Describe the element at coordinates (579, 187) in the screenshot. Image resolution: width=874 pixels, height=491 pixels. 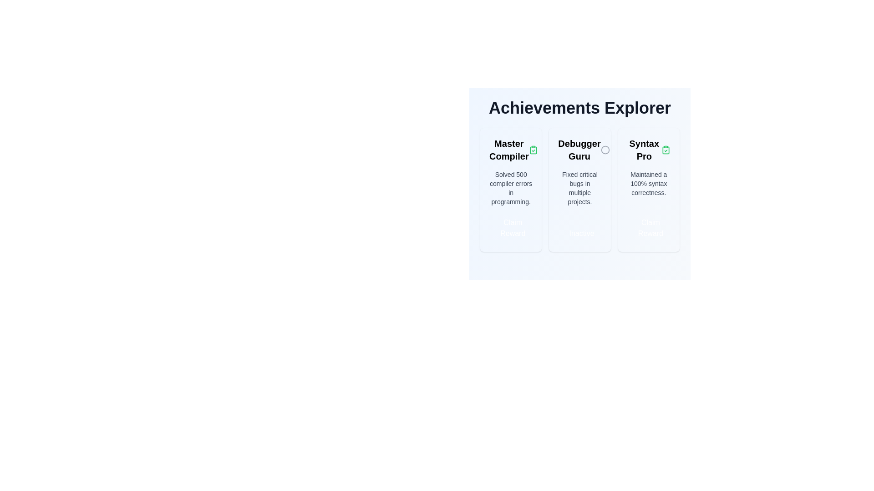
I see `the static text display that provides details about the 'Debugger Guru' achievement, located centrally within its card, below the title and above the status button` at that location.